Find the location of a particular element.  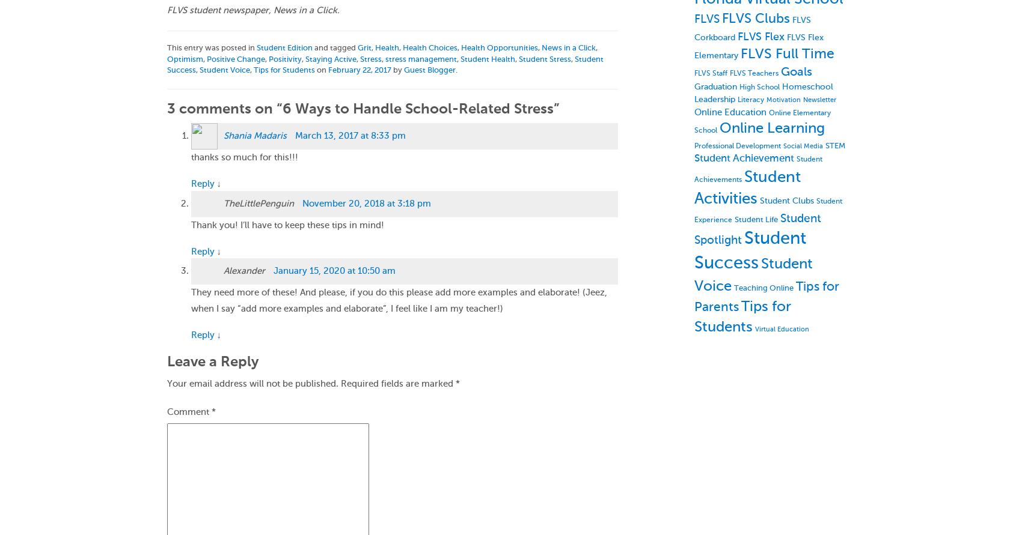

'Leave a Reply' is located at coordinates (212, 361).